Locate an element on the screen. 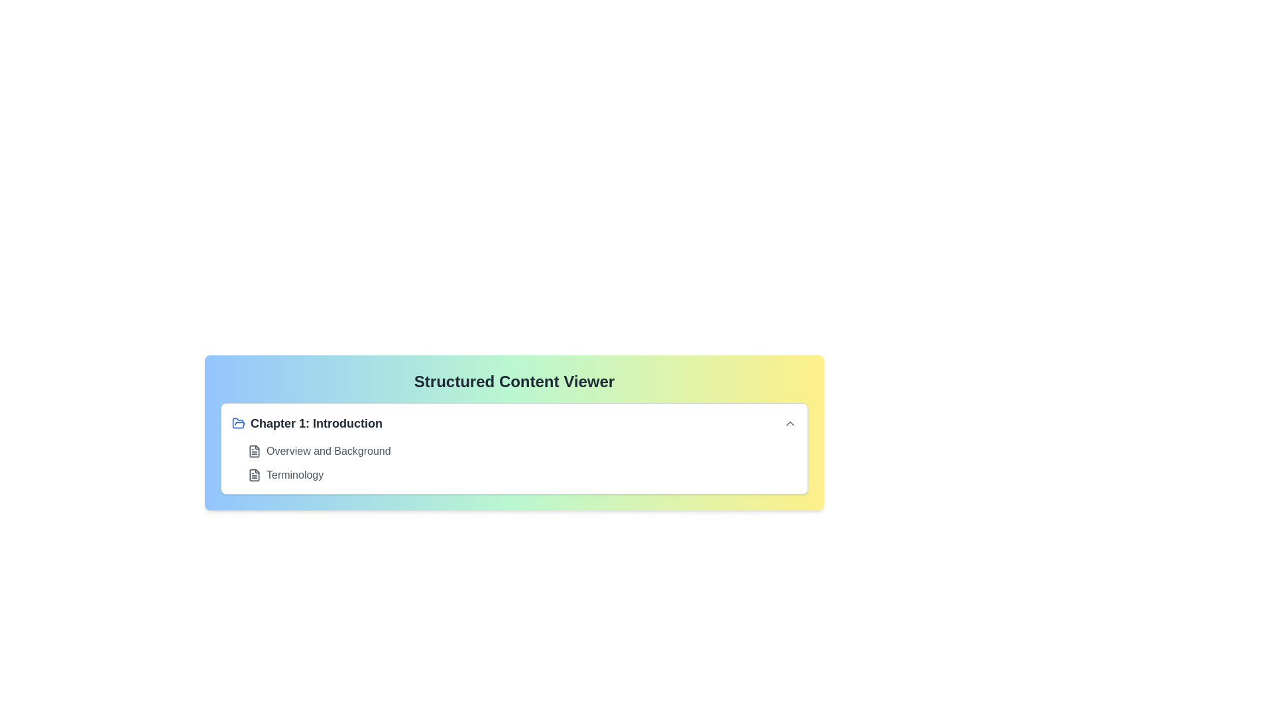 The height and width of the screenshot is (716, 1273). the text label displaying 'Overview and Background' located under 'Chapter 1: Introduction' is located at coordinates (328, 451).